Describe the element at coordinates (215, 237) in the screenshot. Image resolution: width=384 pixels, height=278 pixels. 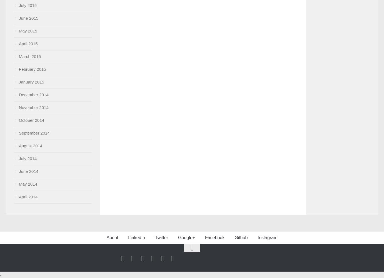
I see `'Facebook'` at that location.